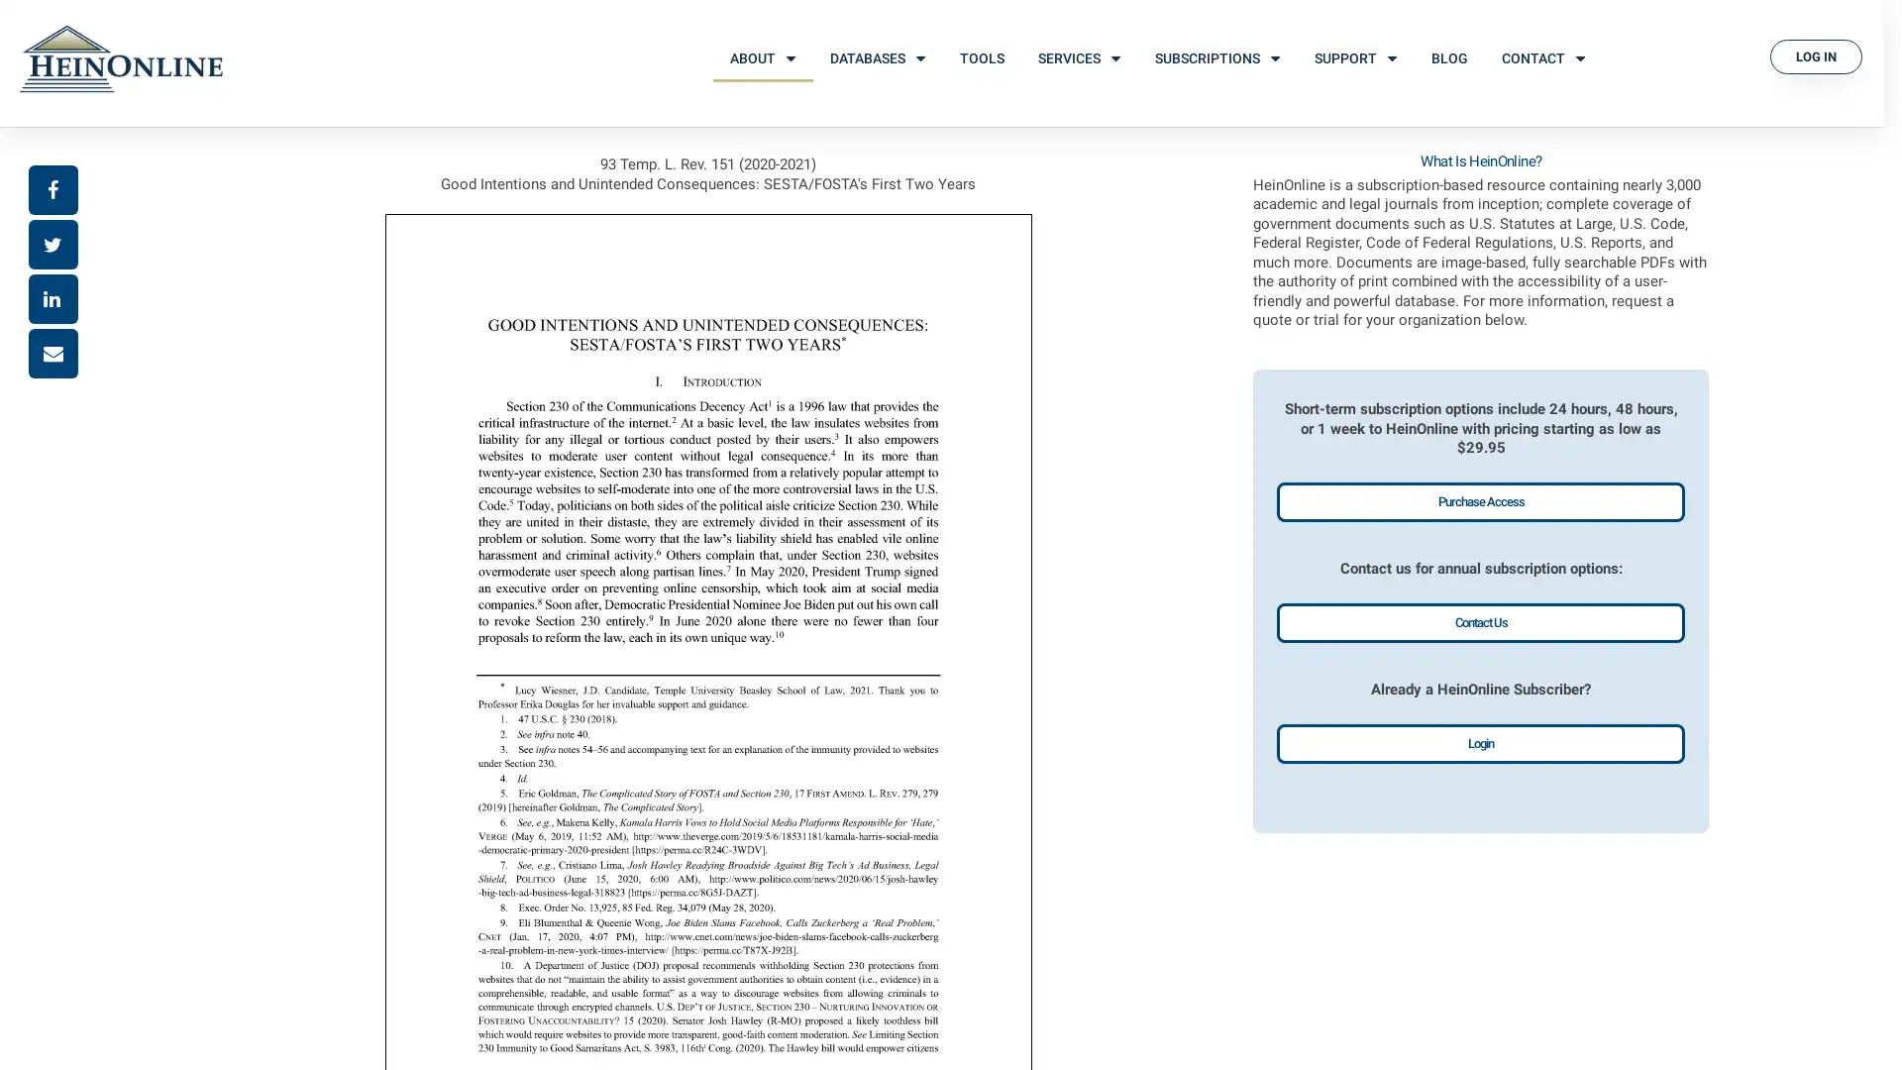  Describe the element at coordinates (1816, 55) in the screenshot. I see `LOG IN` at that location.